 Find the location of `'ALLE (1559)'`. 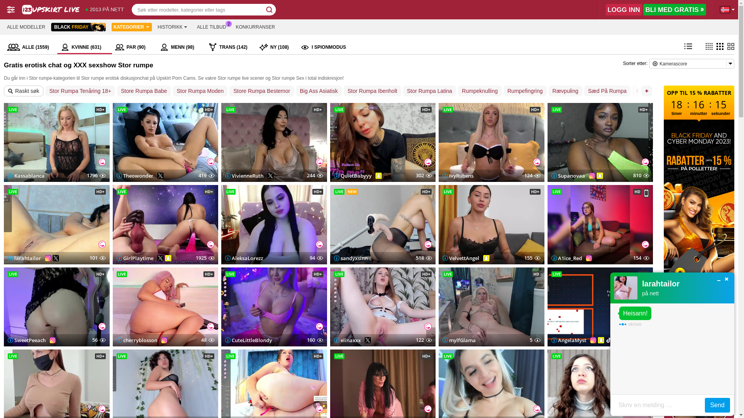

'ALLE (1559)' is located at coordinates (3, 47).